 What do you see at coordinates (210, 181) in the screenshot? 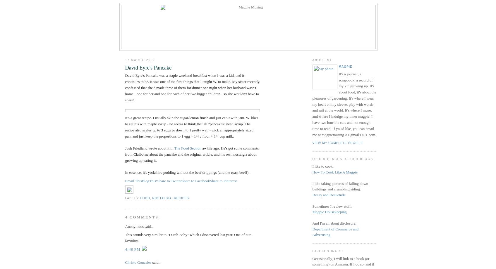
I see `'Share to Pinterest'` at bounding box center [210, 181].